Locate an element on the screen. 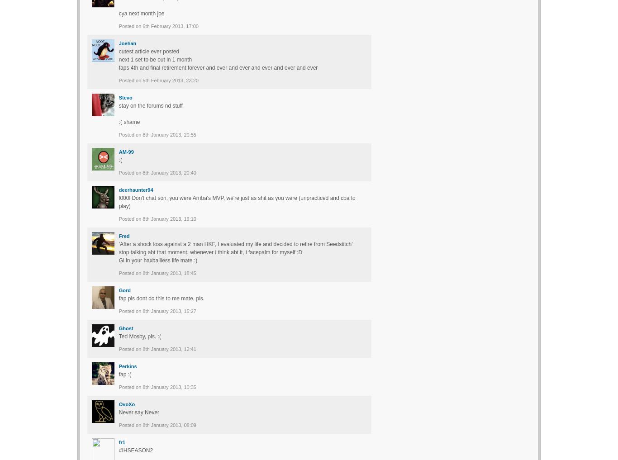 Image resolution: width=618 pixels, height=460 pixels. 'Posted on 6th February 2013, 17:00' is located at coordinates (157, 25).